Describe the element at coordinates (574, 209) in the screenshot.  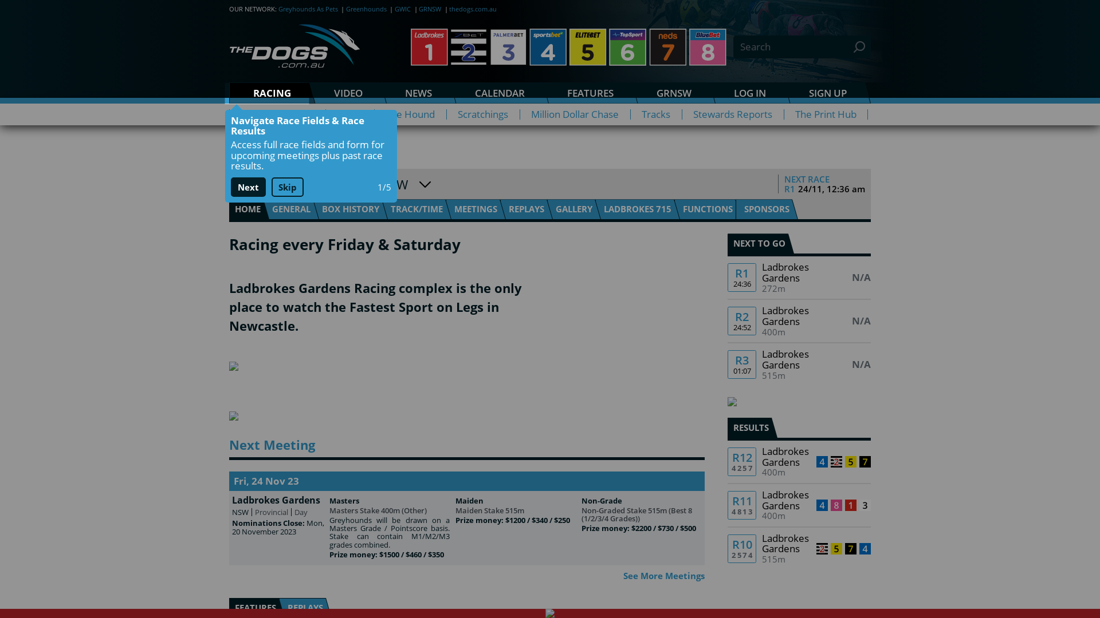
I see `'GALLERY'` at that location.